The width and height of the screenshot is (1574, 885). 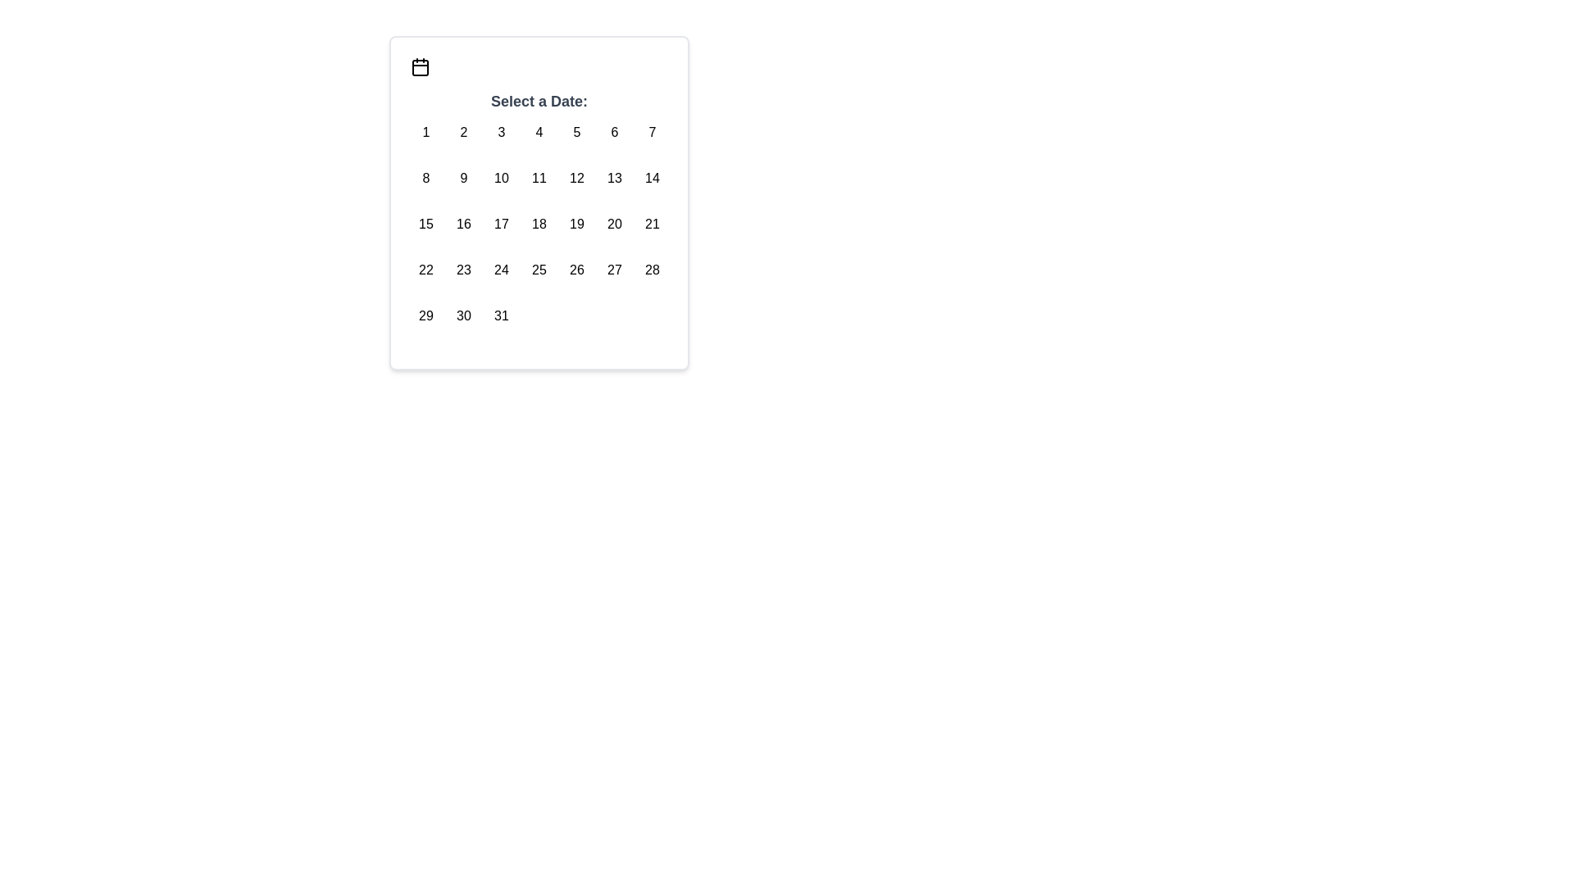 I want to click on the number in the calendar grid, so click(x=539, y=218).